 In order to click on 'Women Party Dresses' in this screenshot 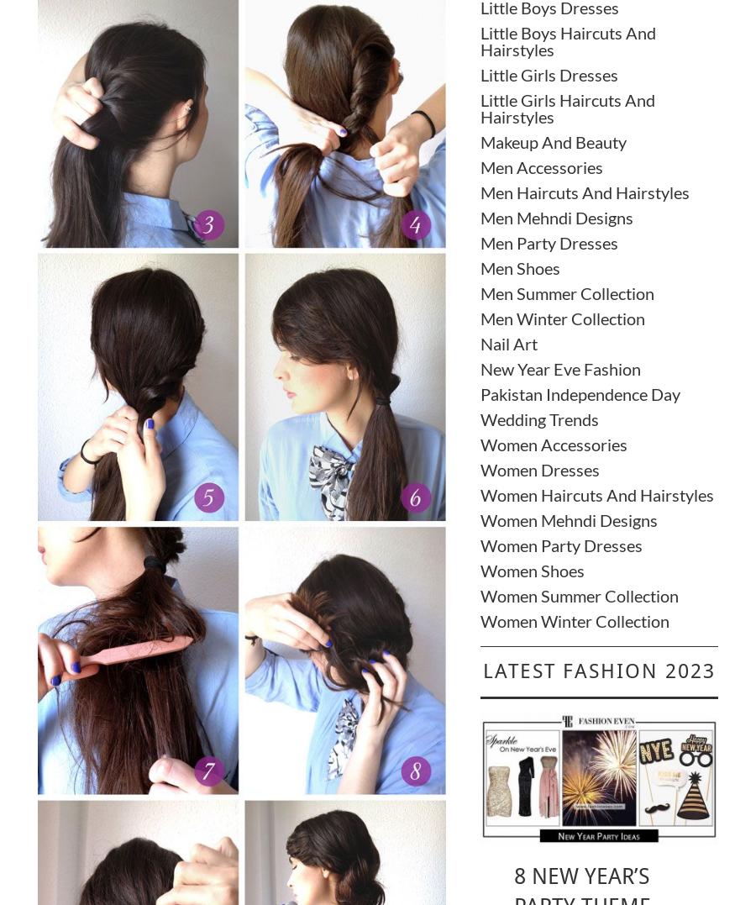, I will do `click(479, 545)`.